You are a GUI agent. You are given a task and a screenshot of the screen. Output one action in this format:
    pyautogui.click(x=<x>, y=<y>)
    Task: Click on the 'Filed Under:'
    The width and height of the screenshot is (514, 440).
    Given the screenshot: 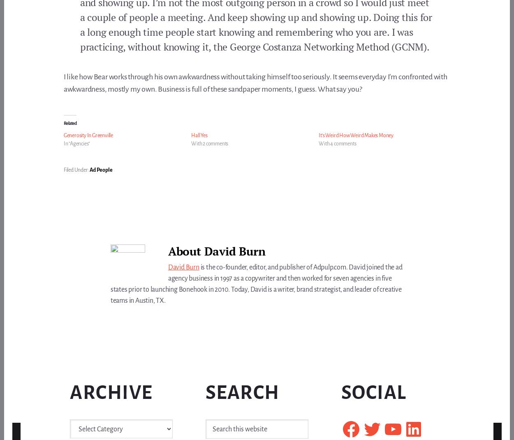 What is the action you would take?
    pyautogui.click(x=76, y=169)
    